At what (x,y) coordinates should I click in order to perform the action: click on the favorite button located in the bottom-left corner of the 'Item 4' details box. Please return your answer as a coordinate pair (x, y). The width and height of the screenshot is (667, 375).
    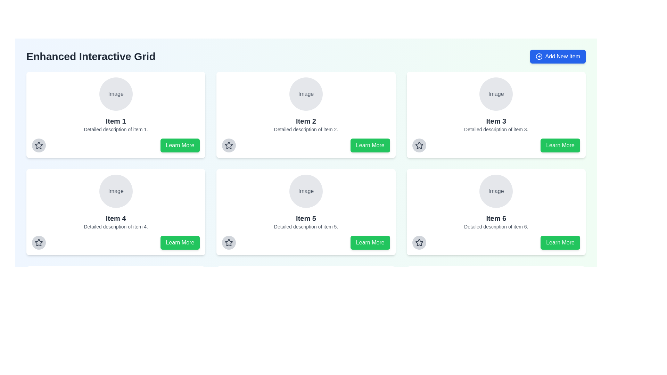
    Looking at the image, I should click on (38, 242).